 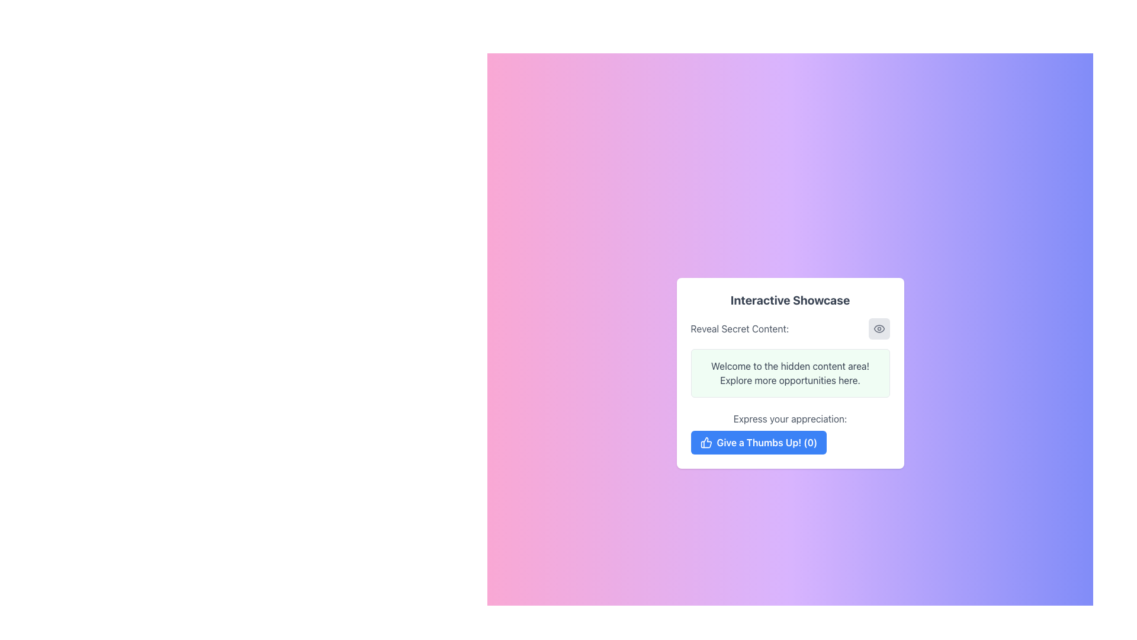 I want to click on the 'Give a Thumbs Up!' button located in the interactive section with the heading 'Express your appreciation:' to observe the hover effect, so click(x=790, y=433).